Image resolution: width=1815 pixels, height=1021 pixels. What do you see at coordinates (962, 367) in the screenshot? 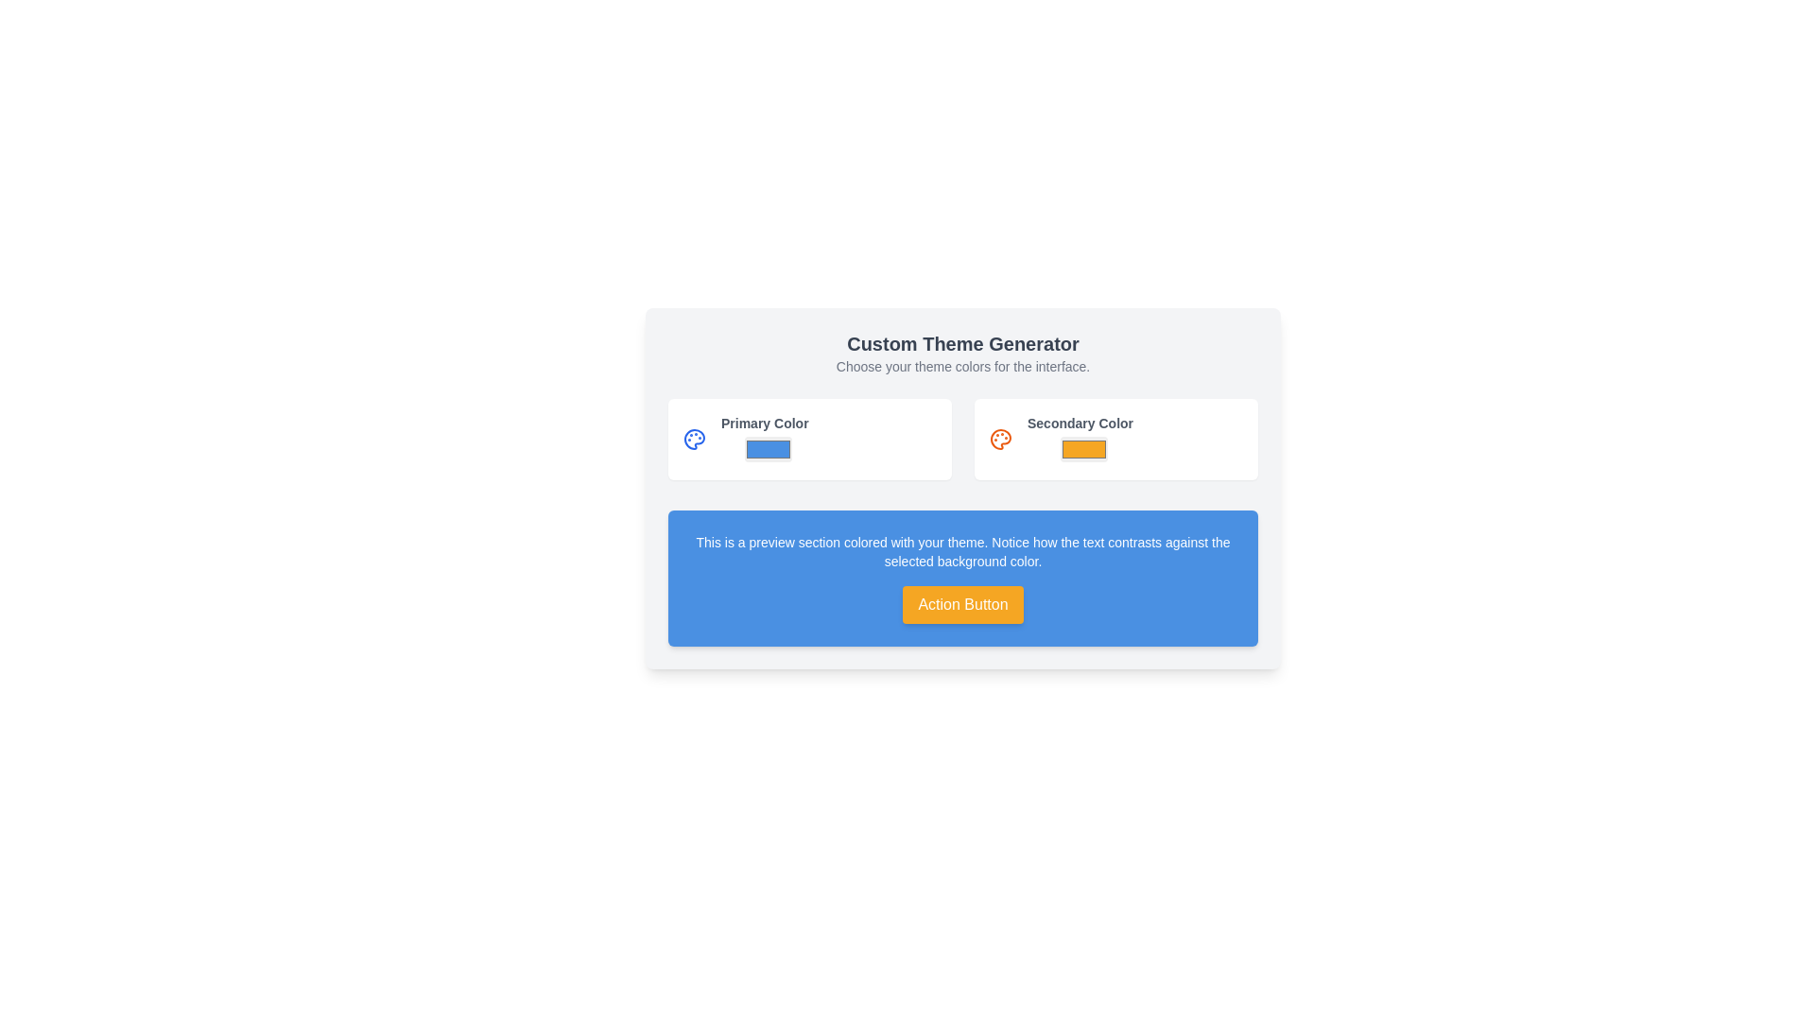
I see `the static text stating 'Choose your theme colors for the interface.' which is located directly beneath the title 'Custom Theme Generator'` at bounding box center [962, 367].